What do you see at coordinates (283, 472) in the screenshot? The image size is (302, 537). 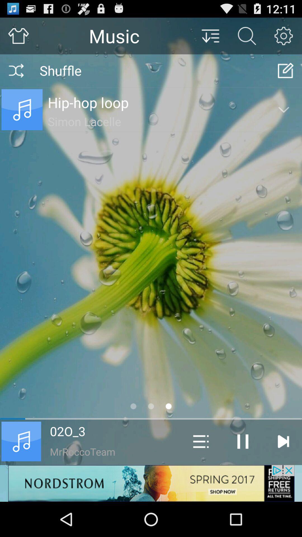 I see `the skip_next icon` at bounding box center [283, 472].